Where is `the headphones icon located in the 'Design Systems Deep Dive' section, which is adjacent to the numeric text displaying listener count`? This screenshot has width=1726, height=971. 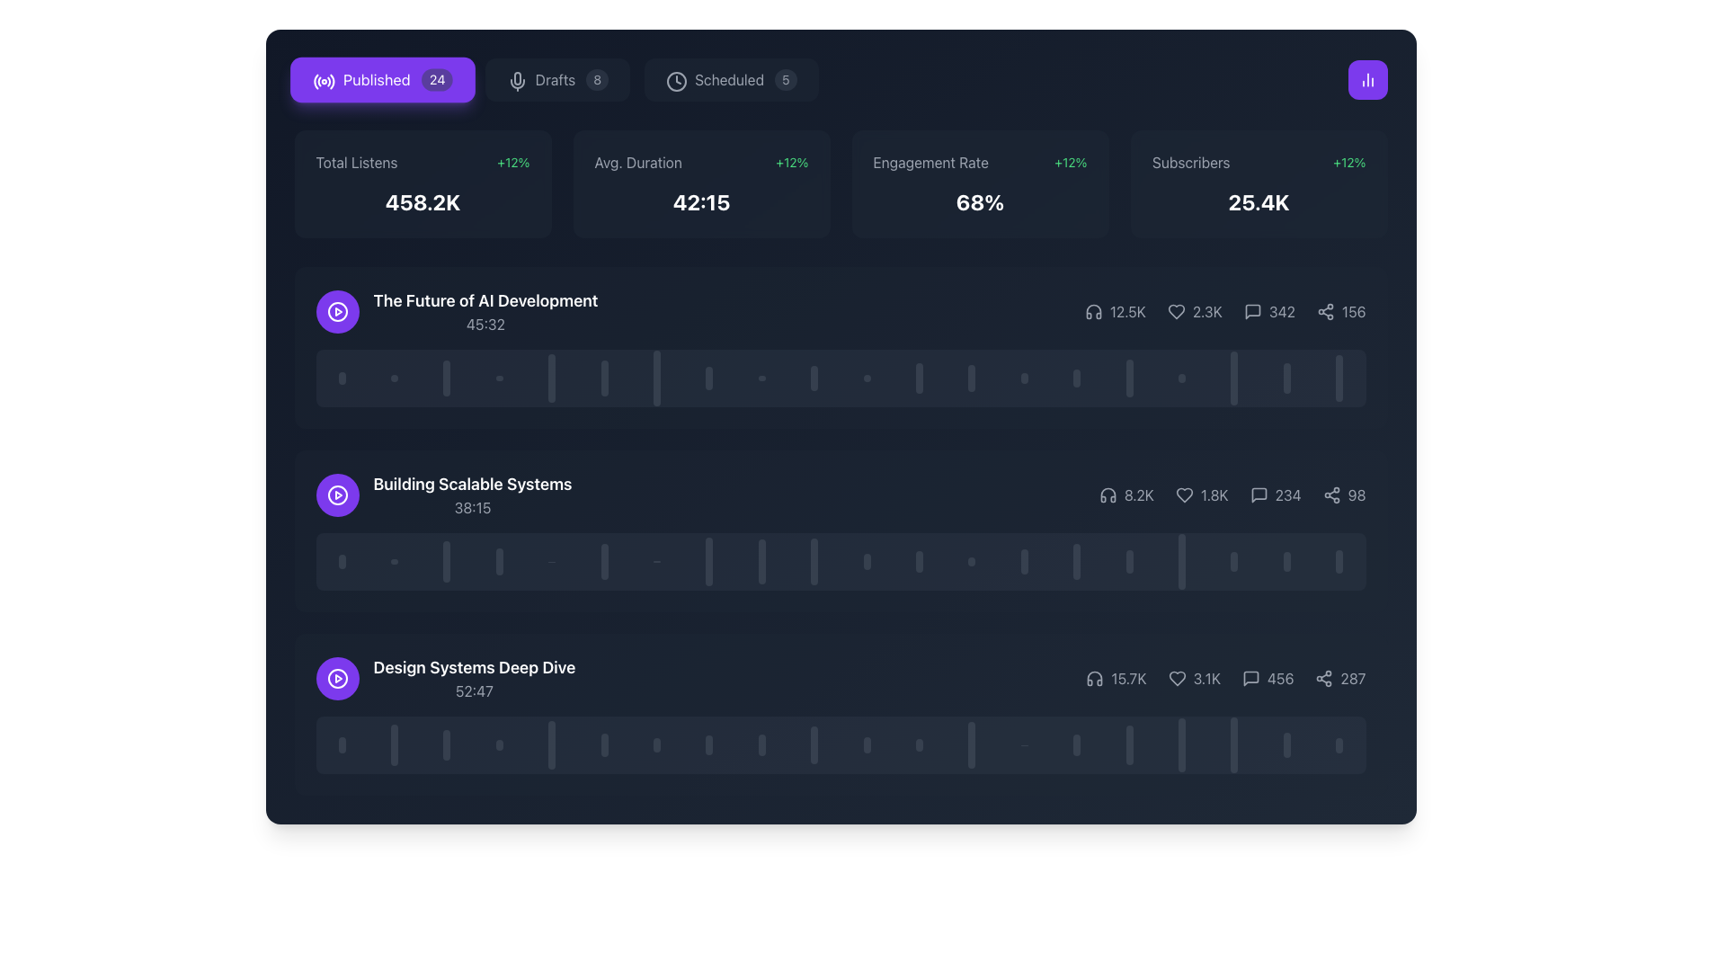 the headphones icon located in the 'Design Systems Deep Dive' section, which is adjacent to the numeric text displaying listener count is located at coordinates (1094, 679).